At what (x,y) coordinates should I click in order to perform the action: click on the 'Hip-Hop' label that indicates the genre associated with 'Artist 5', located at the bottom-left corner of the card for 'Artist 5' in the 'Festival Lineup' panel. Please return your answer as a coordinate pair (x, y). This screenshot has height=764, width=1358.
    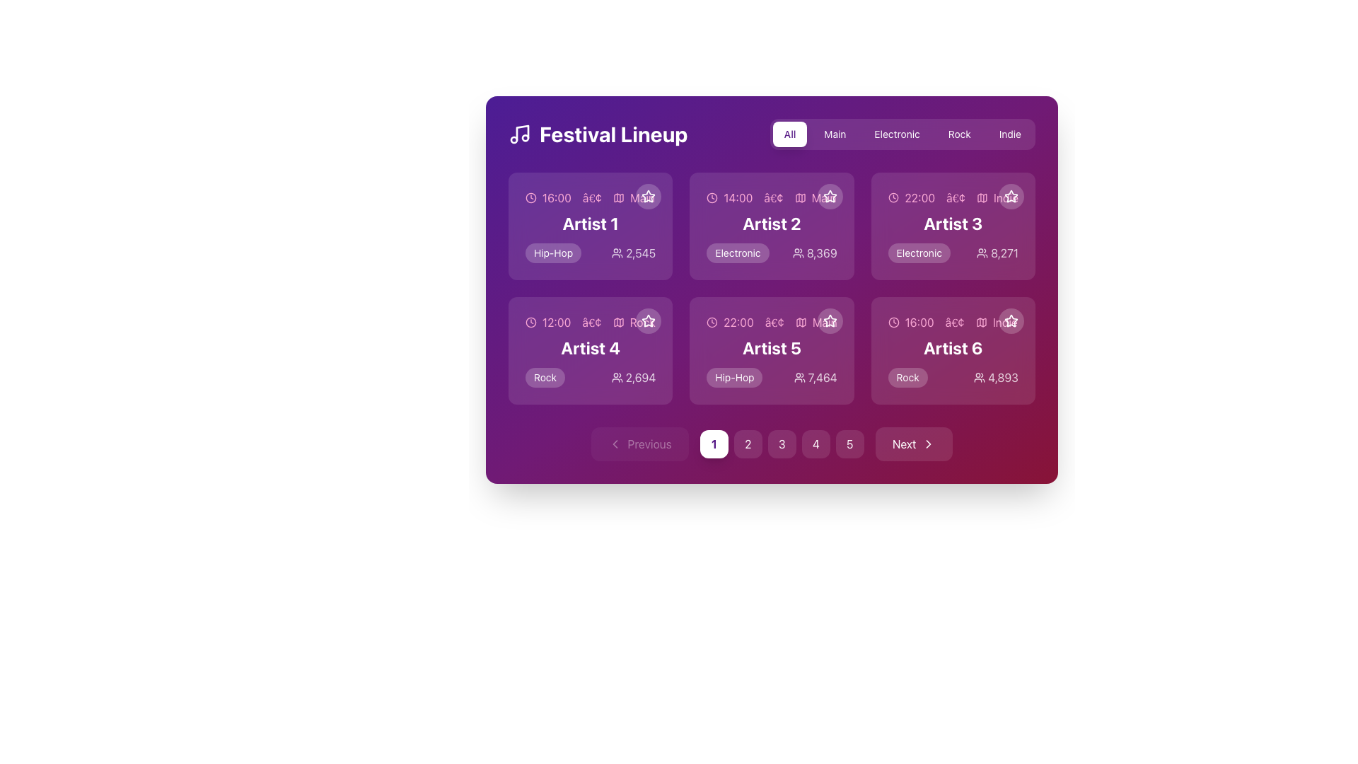
    Looking at the image, I should click on (734, 376).